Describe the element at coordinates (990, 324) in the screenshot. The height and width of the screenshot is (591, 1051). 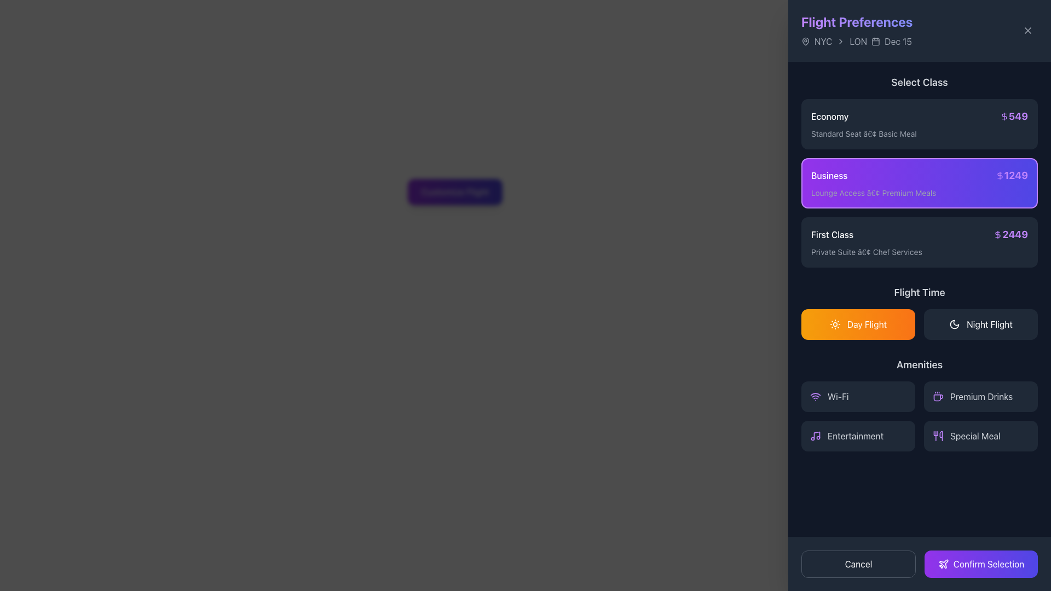
I see `the 'Night Flight' text label, which is styled in white sans-serif font against a dark background and positioned under the 'Flight Time' section in the right-hand sidebar` at that location.